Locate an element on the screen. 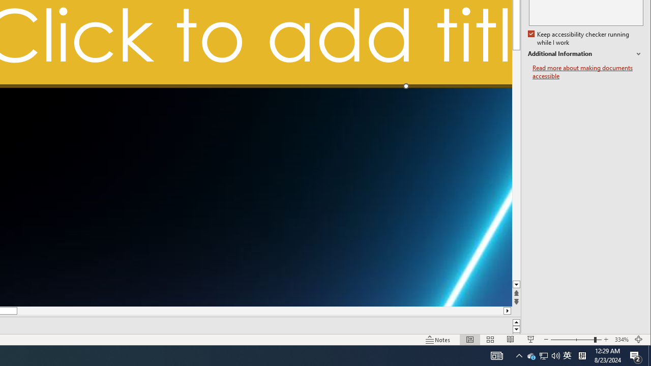  'Normal' is located at coordinates (438, 340).